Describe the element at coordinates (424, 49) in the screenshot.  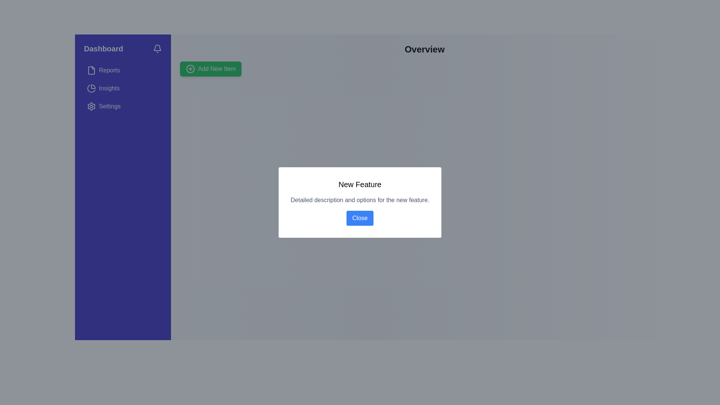
I see `the Header text or title at the top center of the content area, which serves as the title for the current section or page` at that location.